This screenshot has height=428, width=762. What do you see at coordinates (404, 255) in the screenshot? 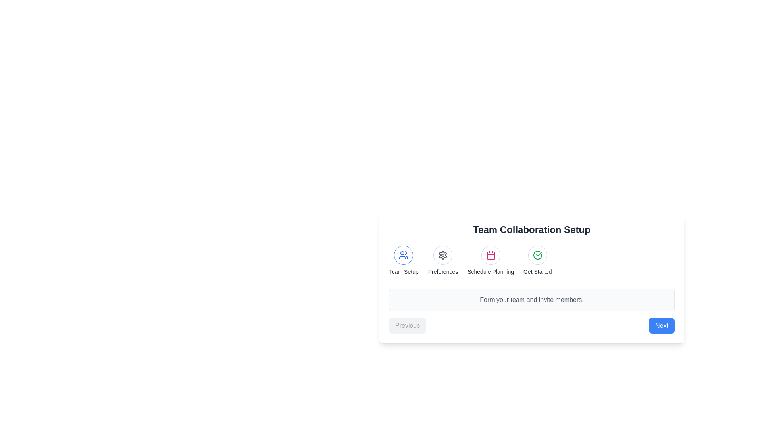
I see `the circular button with a thin blue border and an icon of two people, located in the 'Team Collaboration Setup' section` at bounding box center [404, 255].